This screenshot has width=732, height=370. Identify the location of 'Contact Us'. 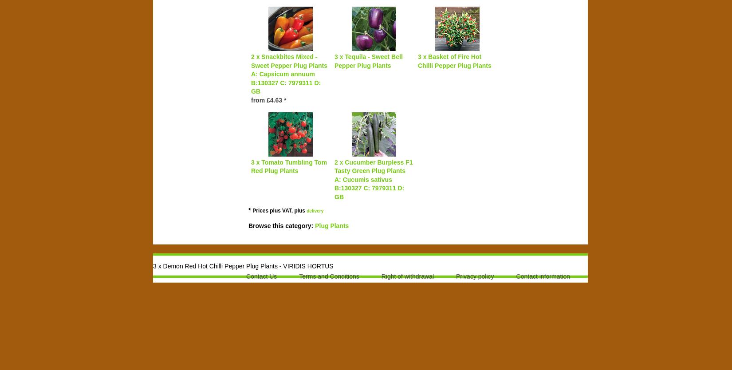
(261, 276).